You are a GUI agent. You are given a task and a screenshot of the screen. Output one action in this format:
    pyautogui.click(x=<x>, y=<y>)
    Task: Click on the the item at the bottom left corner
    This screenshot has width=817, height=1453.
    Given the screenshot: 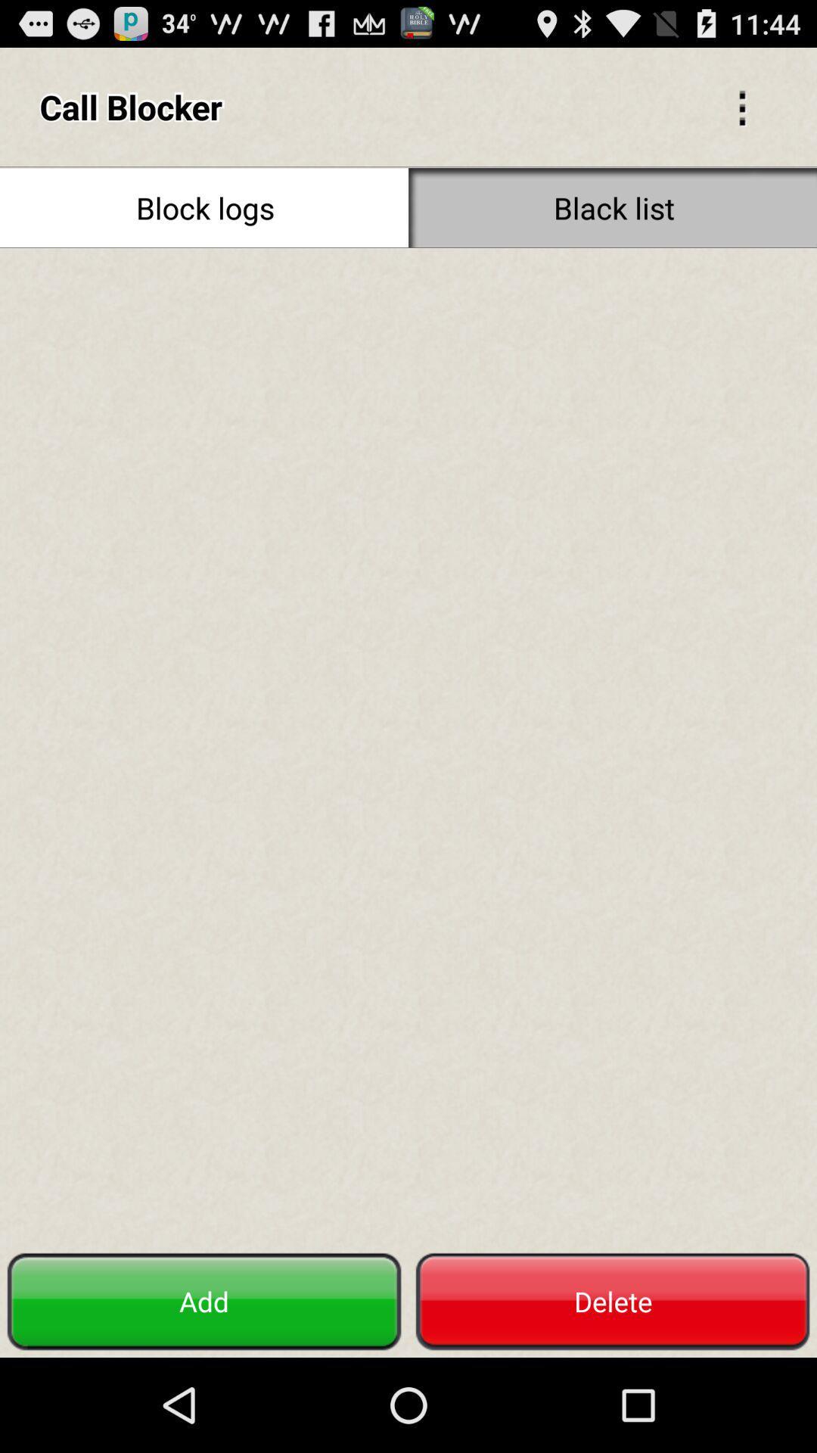 What is the action you would take?
    pyautogui.click(x=204, y=1301)
    